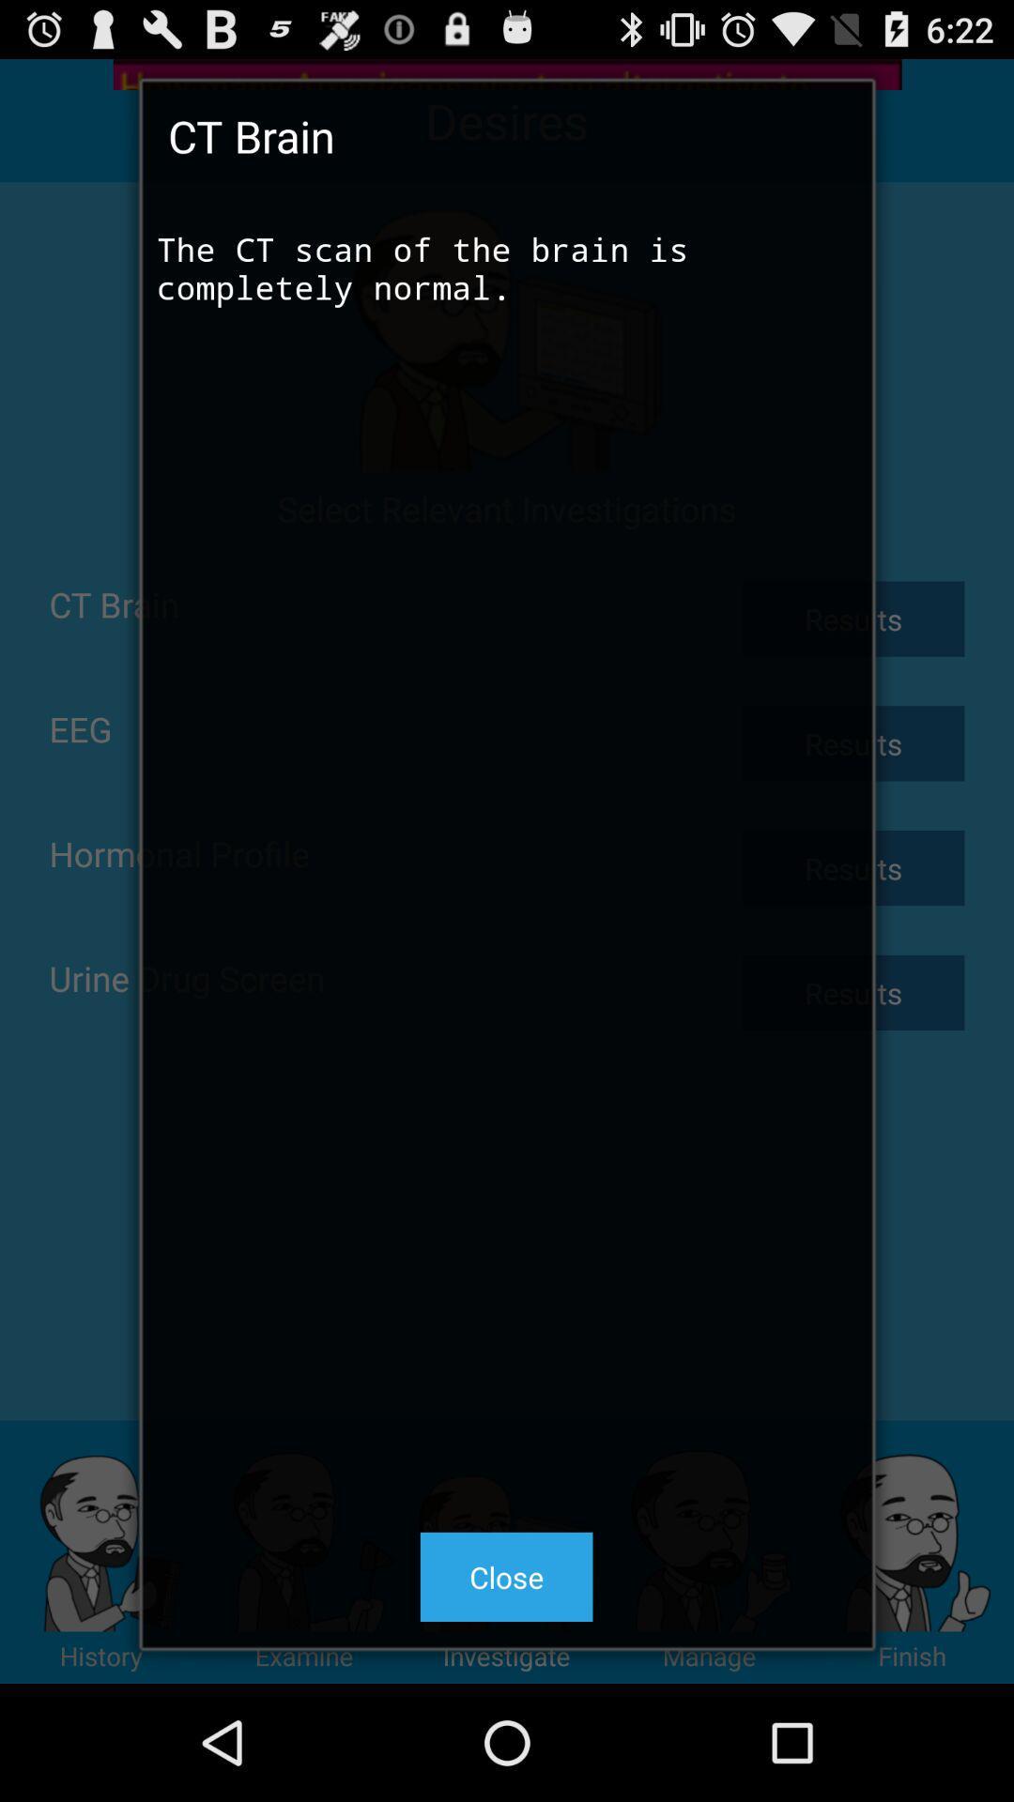 This screenshot has height=1802, width=1014. I want to click on the icon below the the ct scan icon, so click(505, 1577).